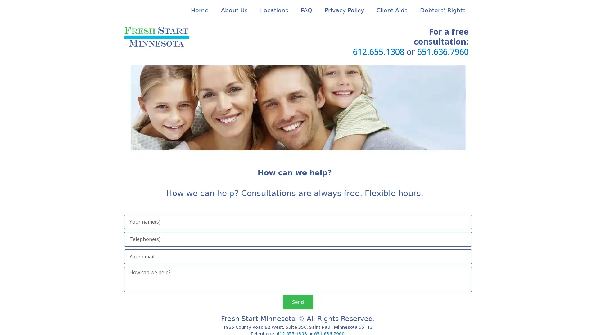  I want to click on Send, so click(298, 301).